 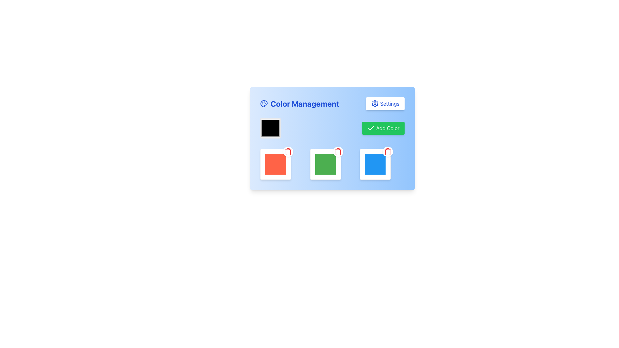 What do you see at coordinates (388, 151) in the screenshot?
I see `the circular button with a white background and red border, featuring a trash can icon, located at the top-right corner of the blue color square in the color management panel` at bounding box center [388, 151].